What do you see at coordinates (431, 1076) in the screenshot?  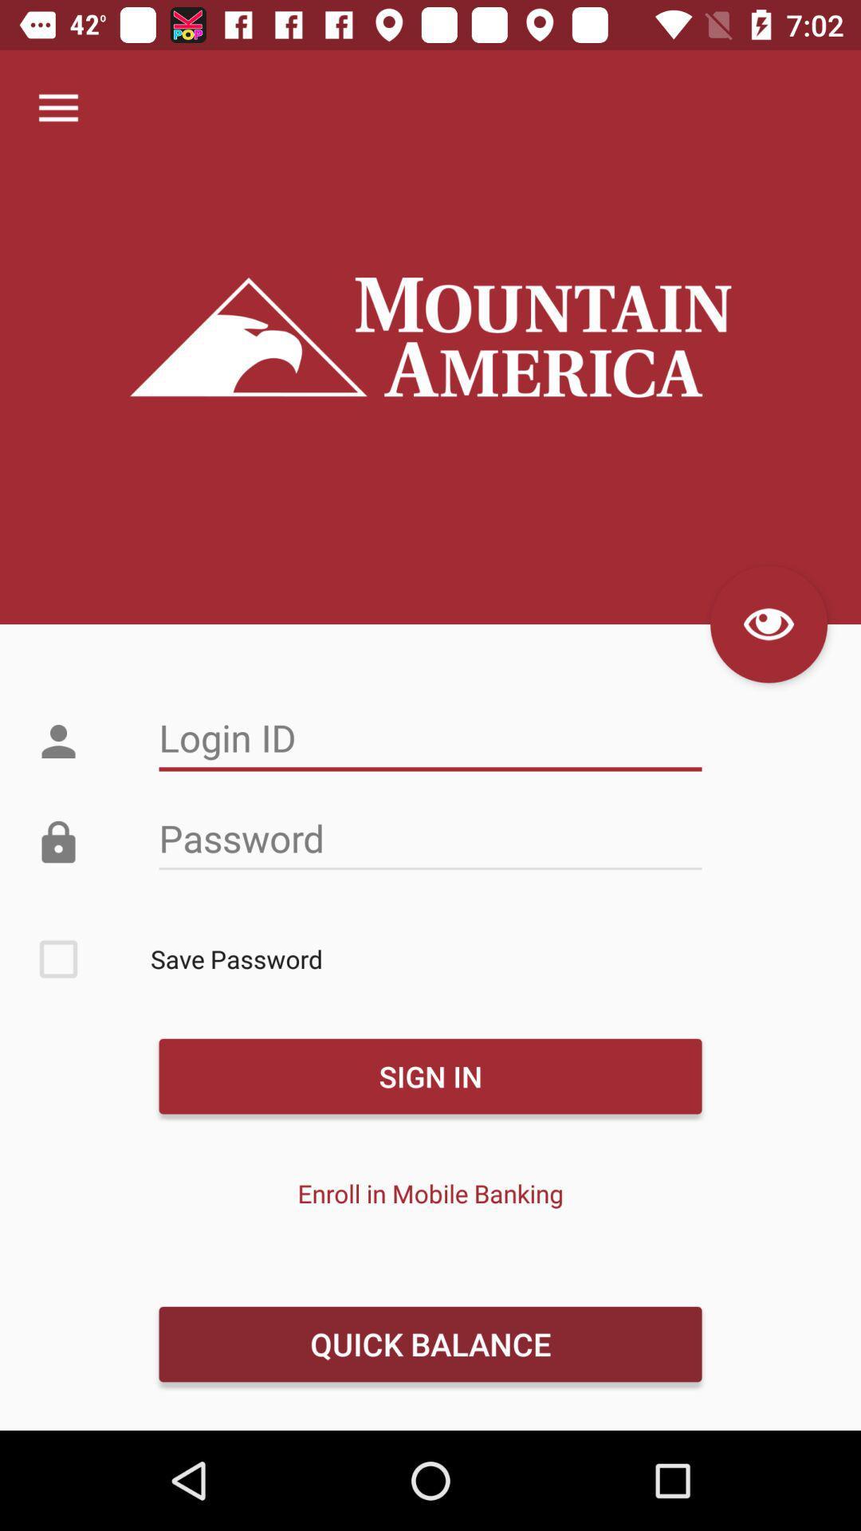 I see `the item above enroll in mobile icon` at bounding box center [431, 1076].